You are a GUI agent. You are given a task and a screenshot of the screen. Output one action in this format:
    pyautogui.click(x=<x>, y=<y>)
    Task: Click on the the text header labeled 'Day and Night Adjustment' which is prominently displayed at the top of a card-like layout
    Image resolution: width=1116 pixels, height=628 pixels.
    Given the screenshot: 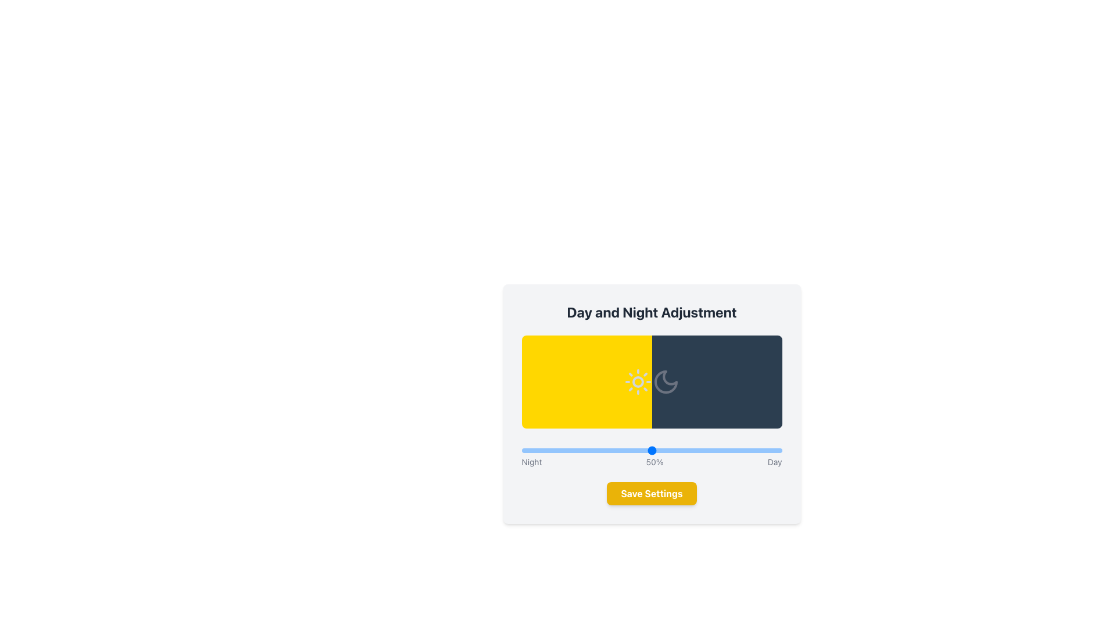 What is the action you would take?
    pyautogui.click(x=652, y=311)
    